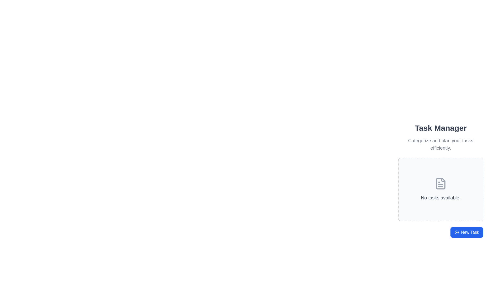  Describe the element at coordinates (456, 232) in the screenshot. I see `the circular icon with a blue outline and a hollow center, which is part of the 'New Task' button located in the bottom-right section of the interface` at that location.